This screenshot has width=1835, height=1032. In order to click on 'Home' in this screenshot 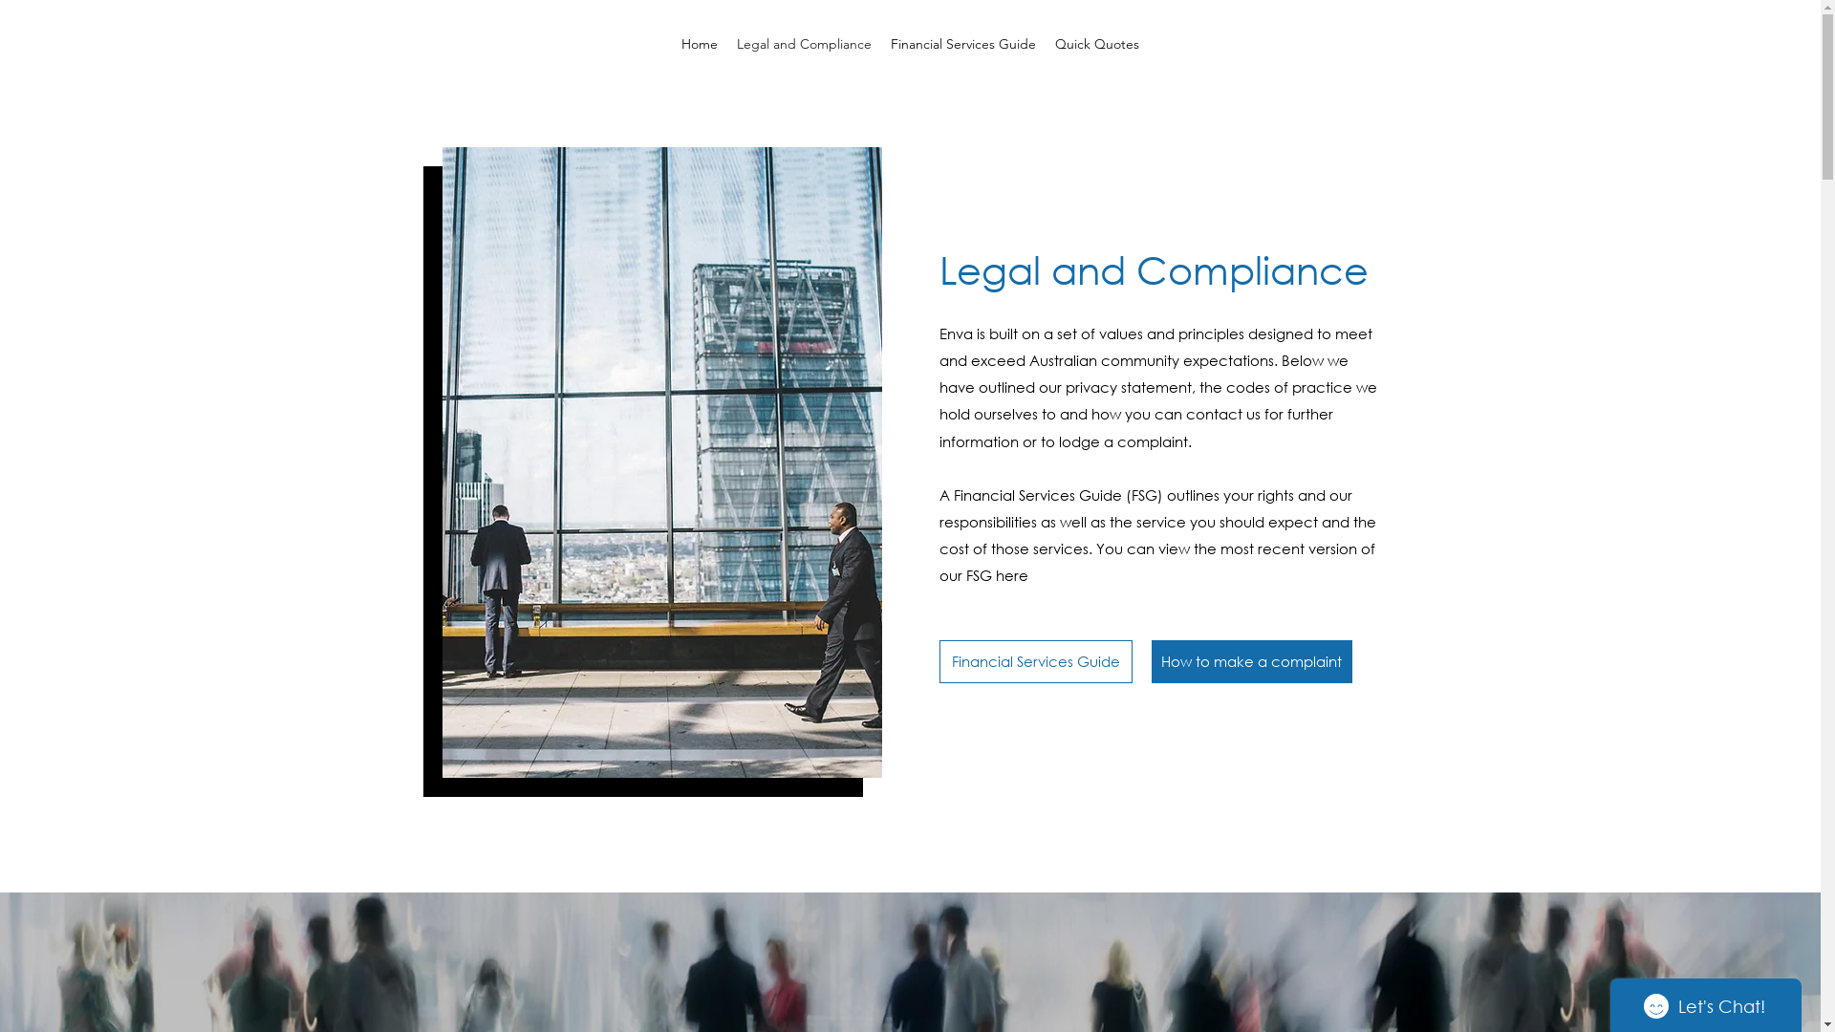, I will do `click(671, 43)`.